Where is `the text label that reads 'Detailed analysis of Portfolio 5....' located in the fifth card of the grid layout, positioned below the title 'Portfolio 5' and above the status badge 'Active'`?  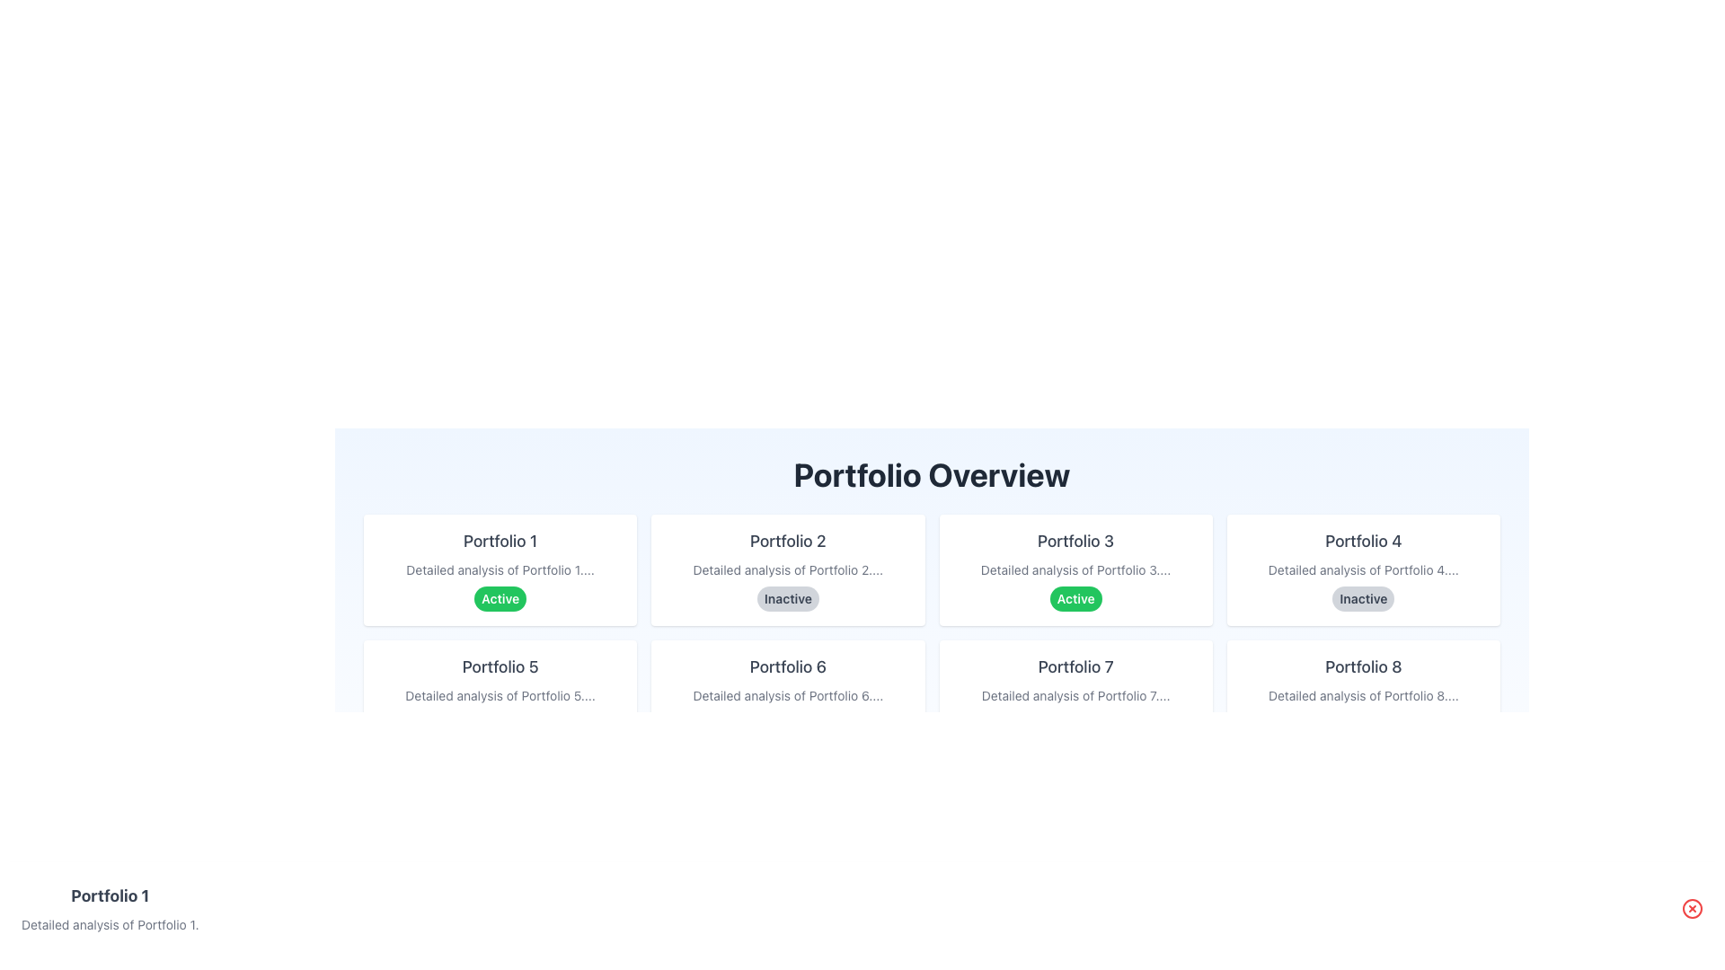 the text label that reads 'Detailed analysis of Portfolio 5....' located in the fifth card of the grid layout, positioned below the title 'Portfolio 5' and above the status badge 'Active' is located at coordinates (500, 695).